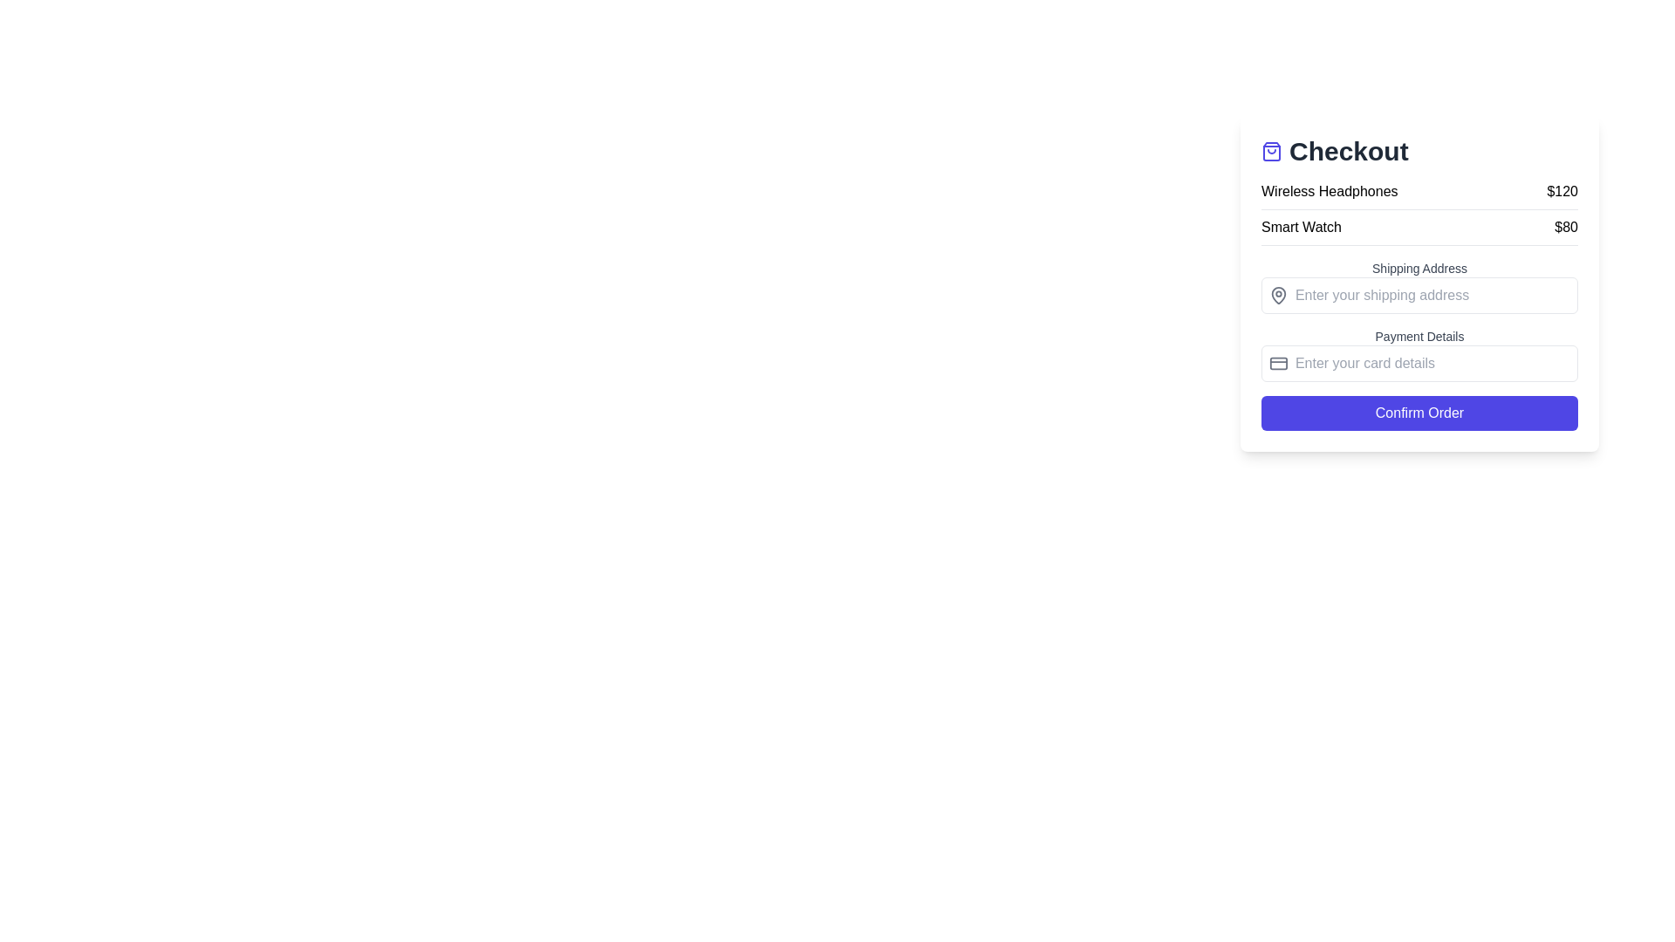 This screenshot has width=1675, height=942. What do you see at coordinates (1278, 295) in the screenshot?
I see `the map pin icon located within the 'Shipping Address' input field on the checkout form, positioned just to the left of the text input box` at bounding box center [1278, 295].